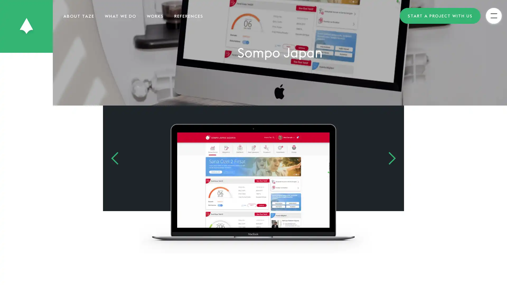 This screenshot has height=285, width=507. What do you see at coordinates (392, 158) in the screenshot?
I see `Next` at bounding box center [392, 158].